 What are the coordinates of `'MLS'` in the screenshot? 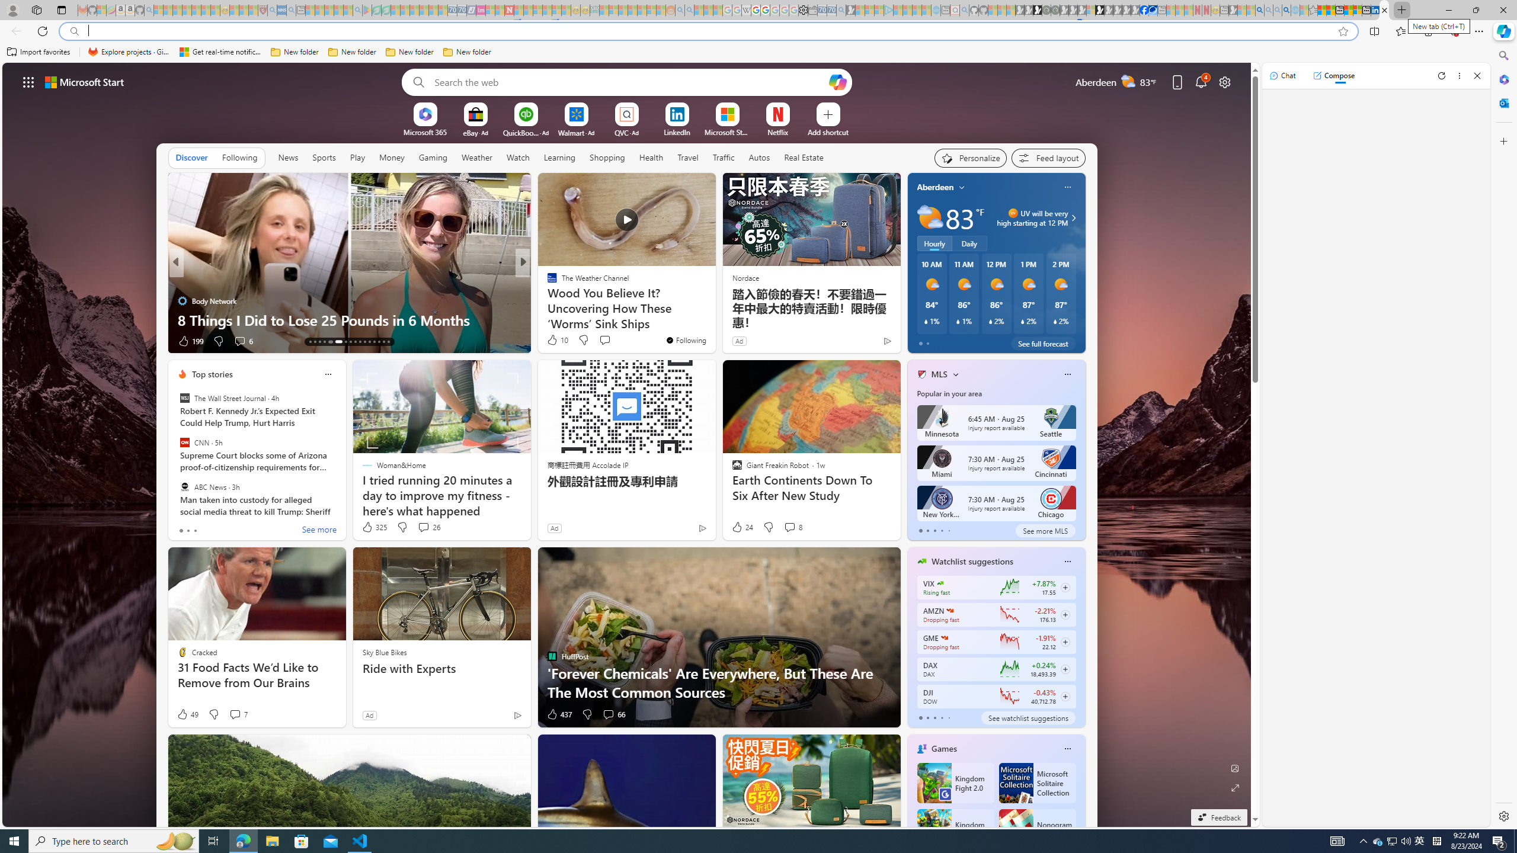 It's located at (939, 374).